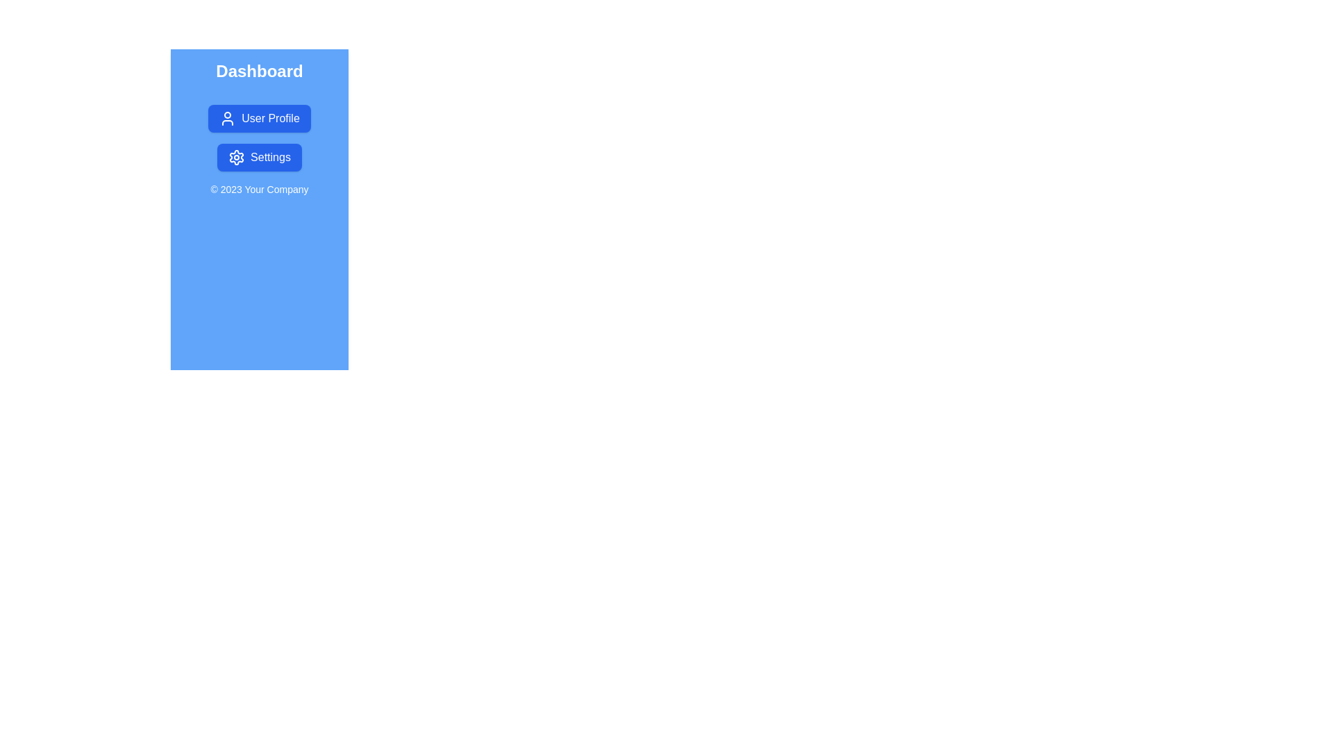 Image resolution: width=1333 pixels, height=750 pixels. What do you see at coordinates (260, 117) in the screenshot?
I see `the 'User Profile' button` at bounding box center [260, 117].